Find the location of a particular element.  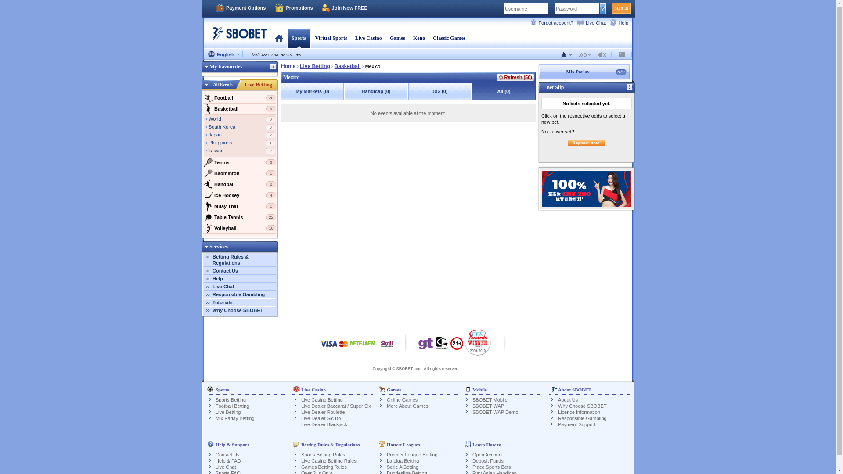

'Japan is located at coordinates (242, 135).